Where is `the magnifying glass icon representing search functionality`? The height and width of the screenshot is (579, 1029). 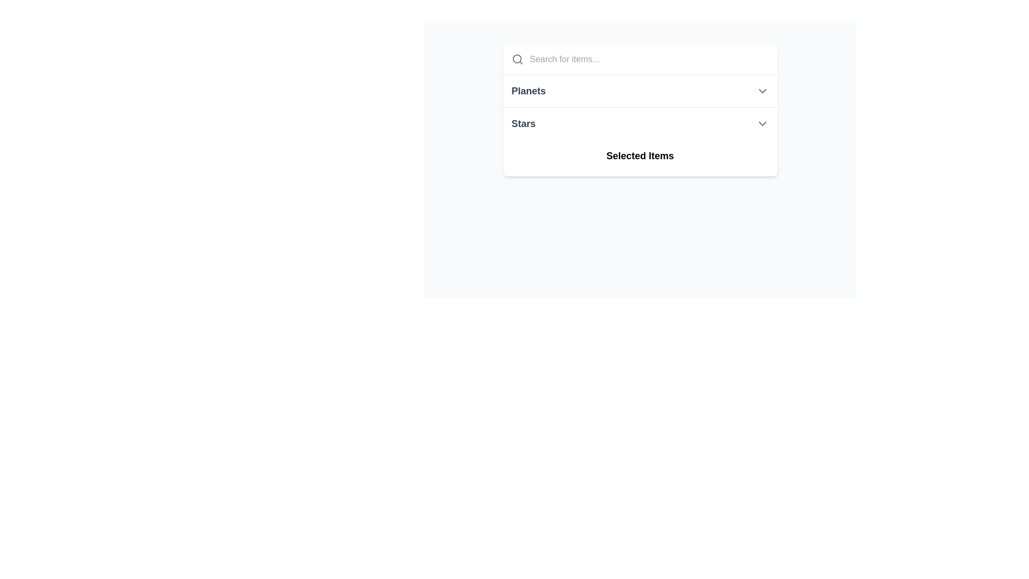
the magnifying glass icon representing search functionality is located at coordinates (517, 60).